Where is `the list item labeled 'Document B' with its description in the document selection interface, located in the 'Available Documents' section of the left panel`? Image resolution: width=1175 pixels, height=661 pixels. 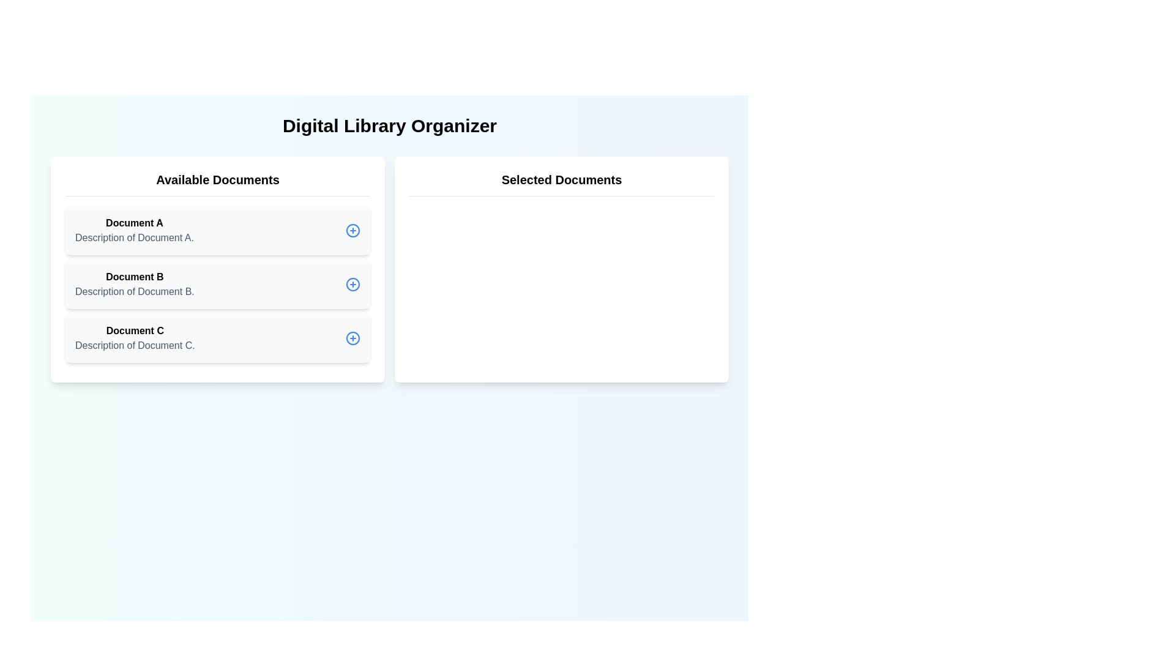
the list item labeled 'Document B' with its description in the document selection interface, located in the 'Available Documents' section of the left panel is located at coordinates (135, 285).